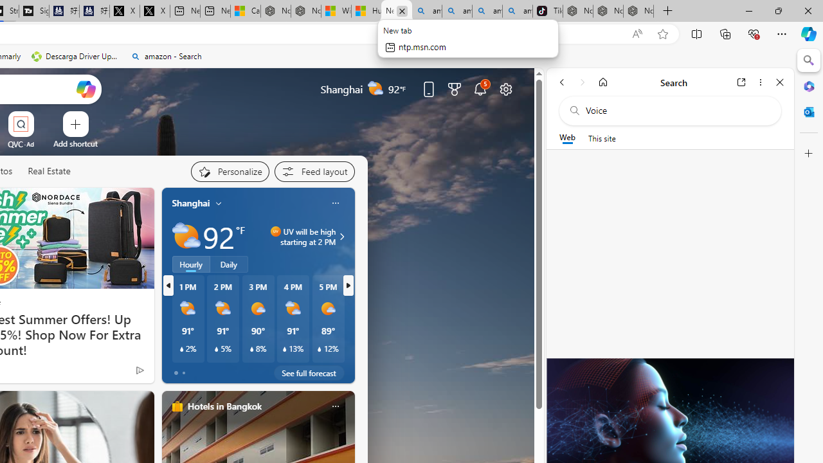  I want to click on 'Class: weather-arrow-glyph', so click(341, 236).